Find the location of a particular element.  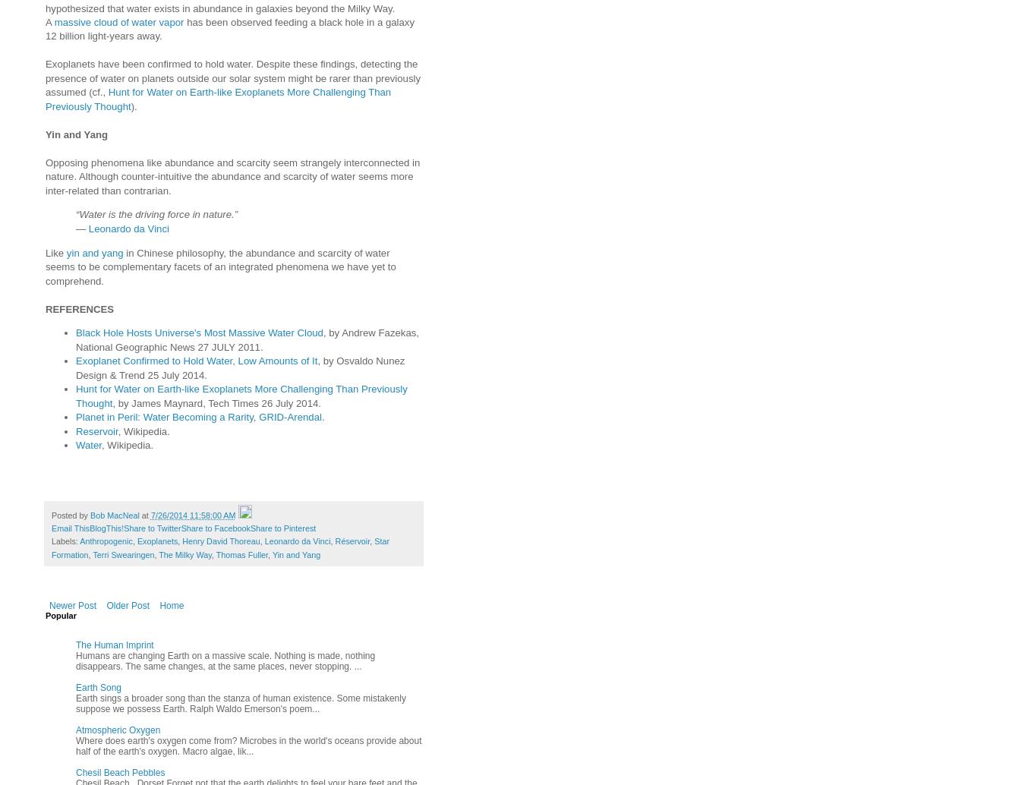

', by Andrew Fazekas, National Geographic News
27 JULY 2011.' is located at coordinates (74, 339).